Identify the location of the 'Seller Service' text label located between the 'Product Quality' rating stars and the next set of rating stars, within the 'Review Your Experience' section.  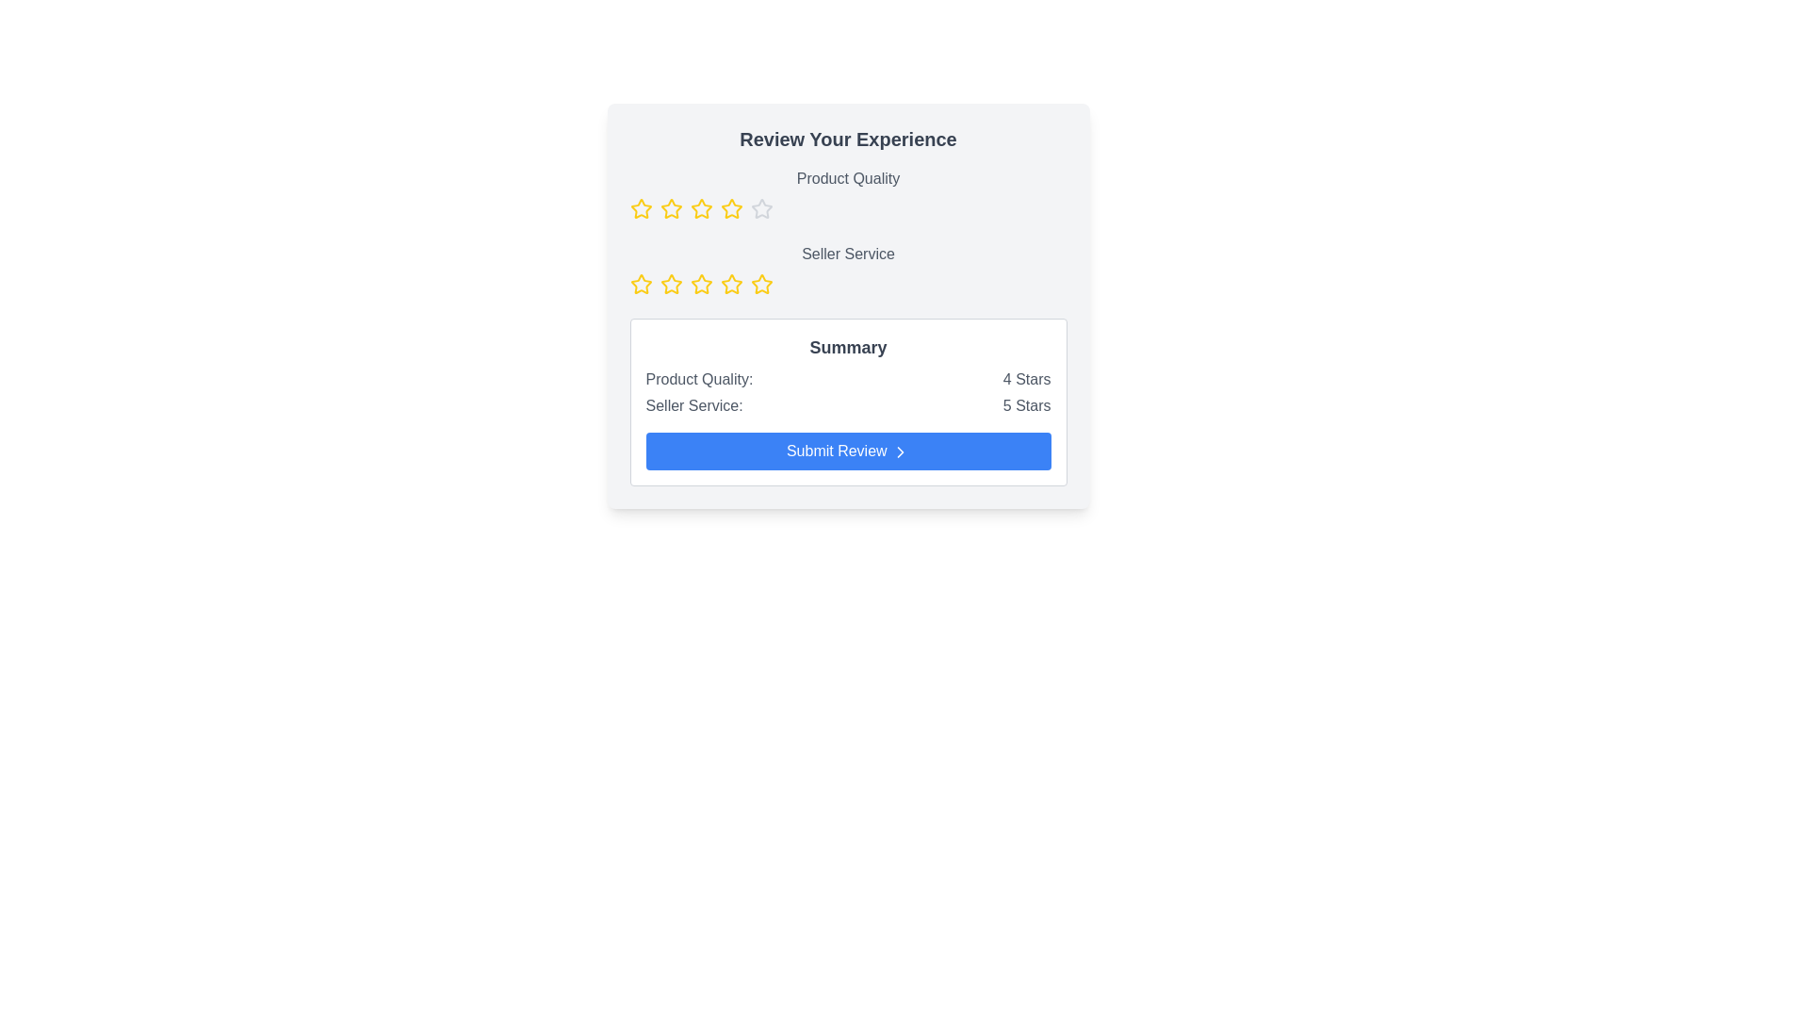
(847, 254).